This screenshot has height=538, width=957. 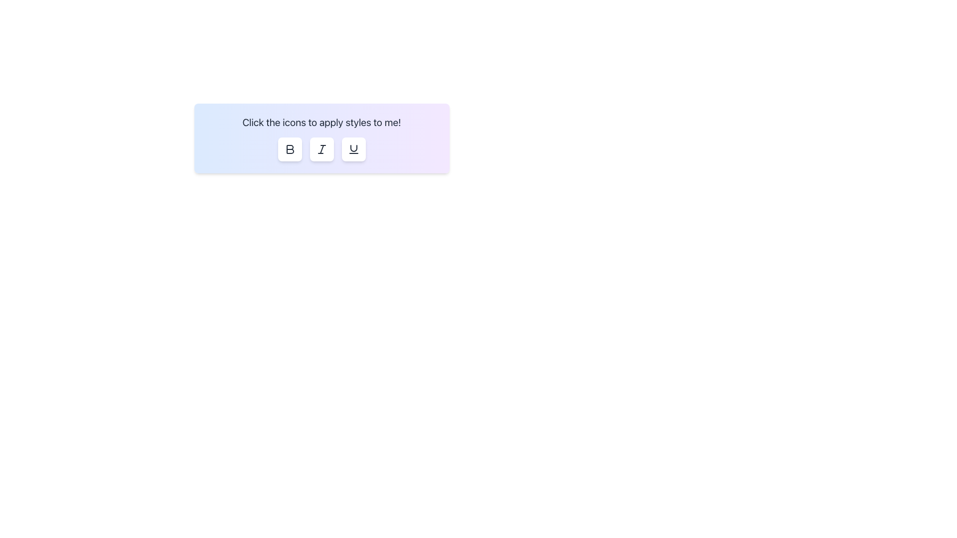 I want to click on the second icon button, so click(x=321, y=149).